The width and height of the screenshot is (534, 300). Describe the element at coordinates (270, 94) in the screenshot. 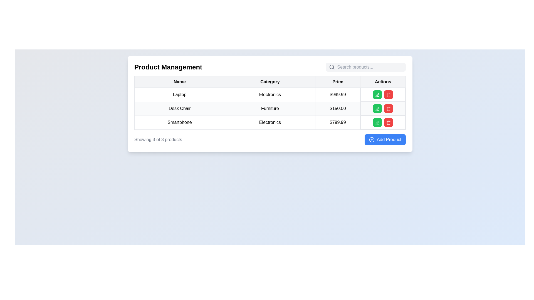

I see `the first row of the product management table, which contains details about a specific product, located directly below the header row` at that location.